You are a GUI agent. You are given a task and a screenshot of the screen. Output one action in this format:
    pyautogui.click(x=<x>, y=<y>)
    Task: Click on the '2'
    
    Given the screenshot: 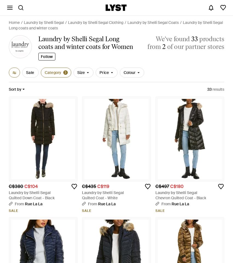 What is the action you would take?
    pyautogui.click(x=163, y=46)
    